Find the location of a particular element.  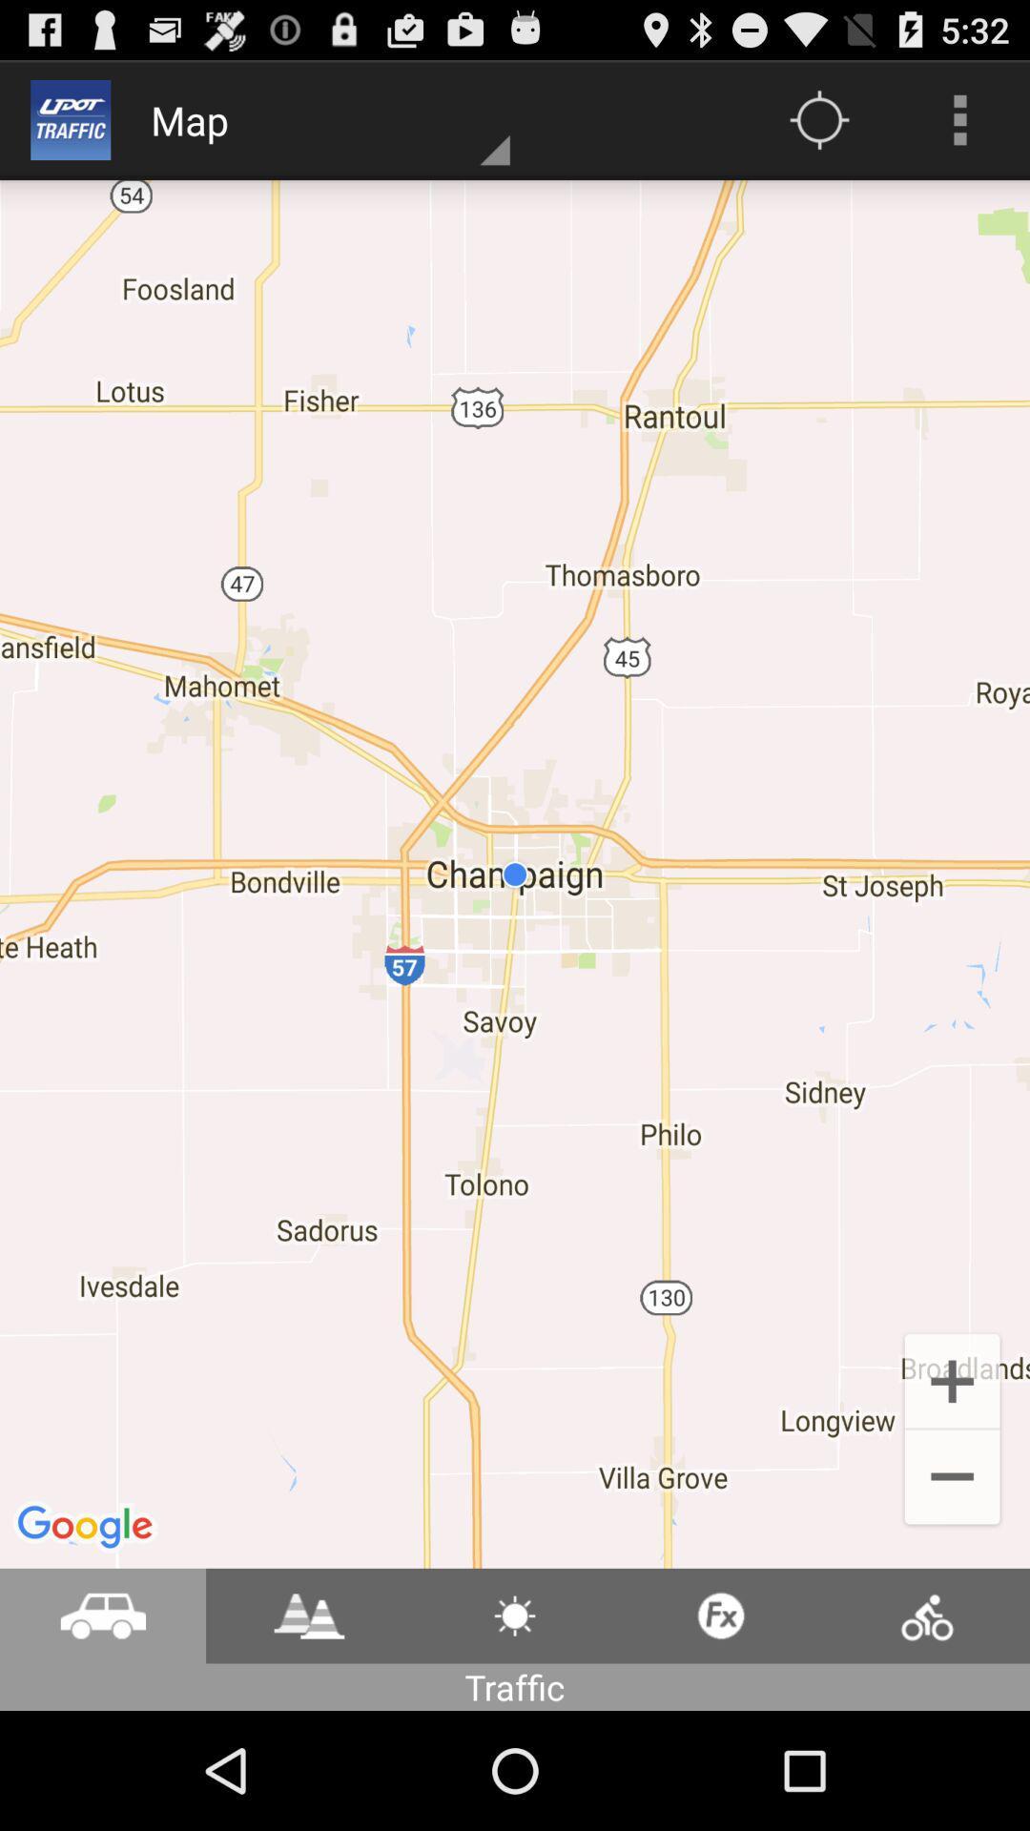

the add icon is located at coordinates (952, 1475).